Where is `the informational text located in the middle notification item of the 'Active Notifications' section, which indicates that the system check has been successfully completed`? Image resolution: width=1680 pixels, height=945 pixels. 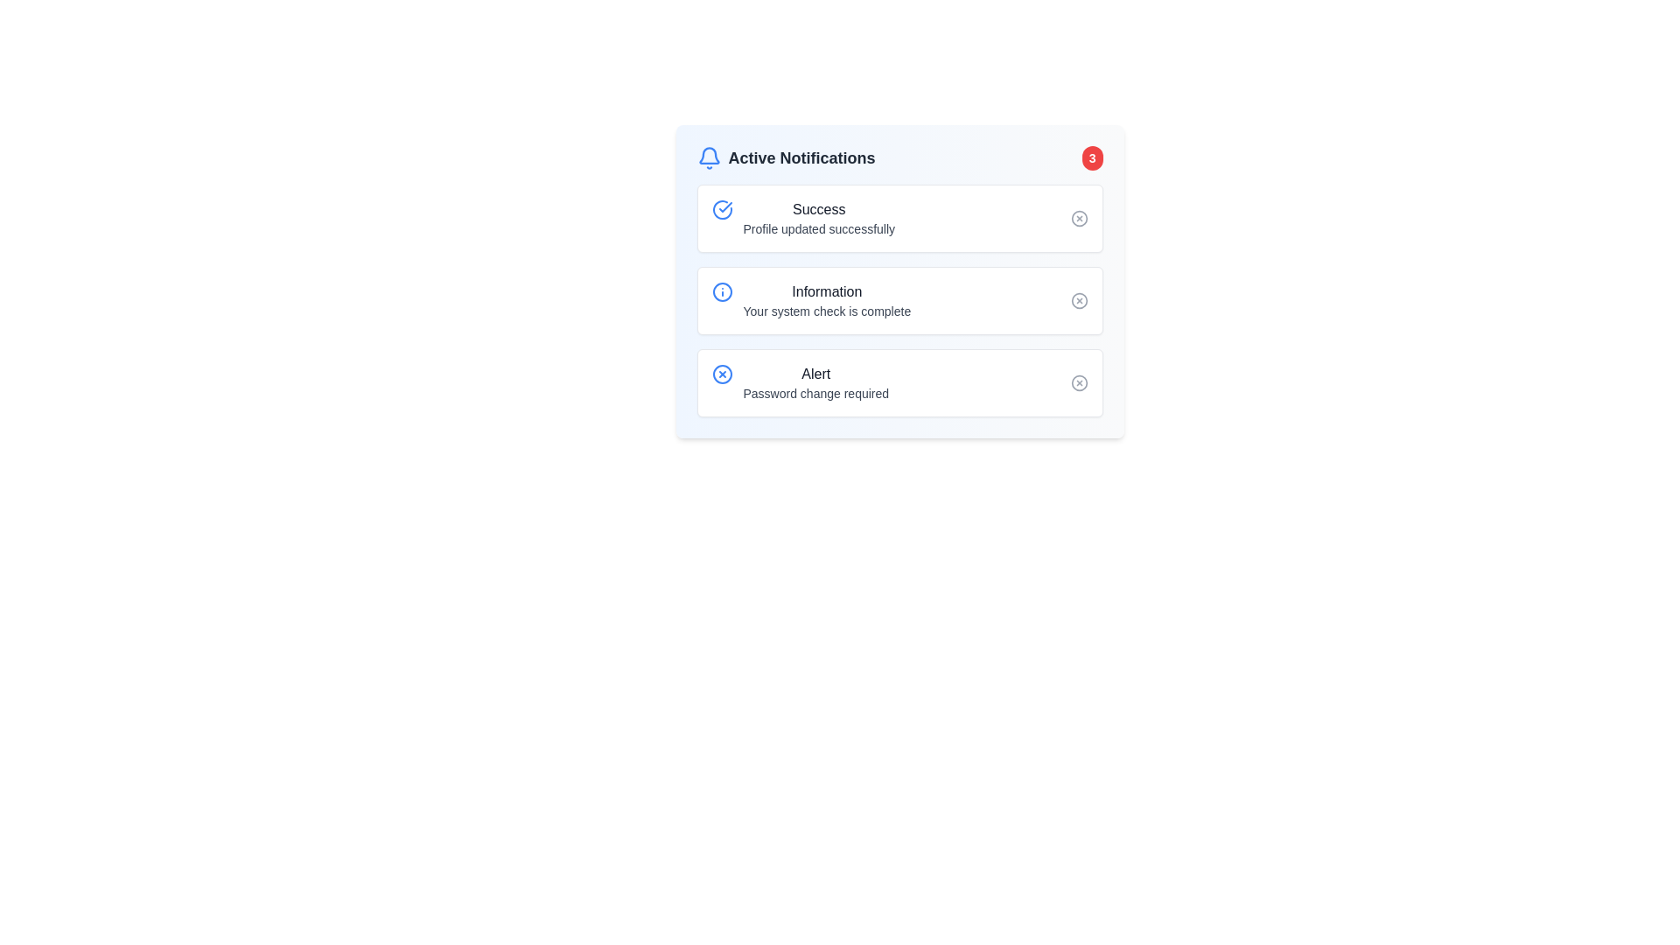
the informational text located in the middle notification item of the 'Active Notifications' section, which indicates that the system check has been successfully completed is located at coordinates (826, 310).